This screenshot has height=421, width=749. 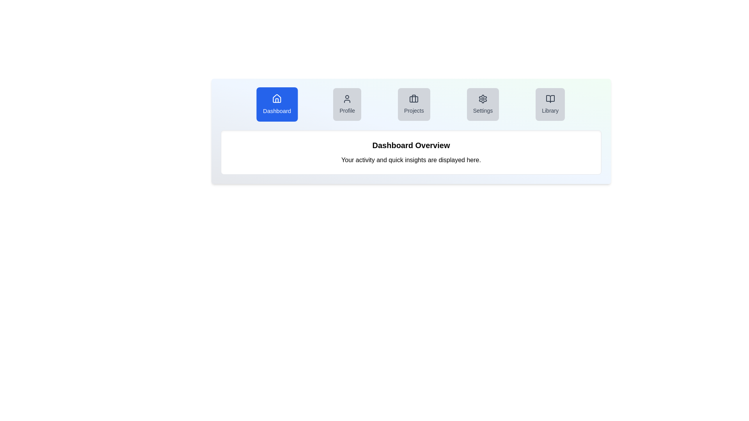 What do you see at coordinates (483, 111) in the screenshot?
I see `keyboard navigation` at bounding box center [483, 111].